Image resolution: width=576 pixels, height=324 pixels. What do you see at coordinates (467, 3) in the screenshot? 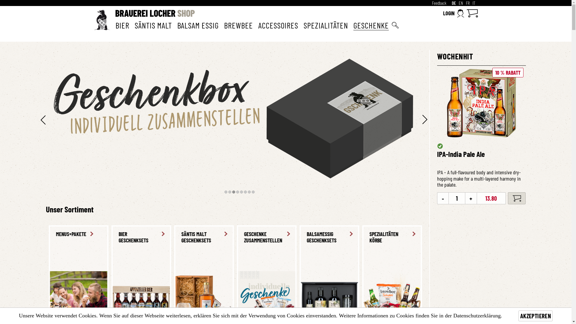
I see `'FR'` at bounding box center [467, 3].